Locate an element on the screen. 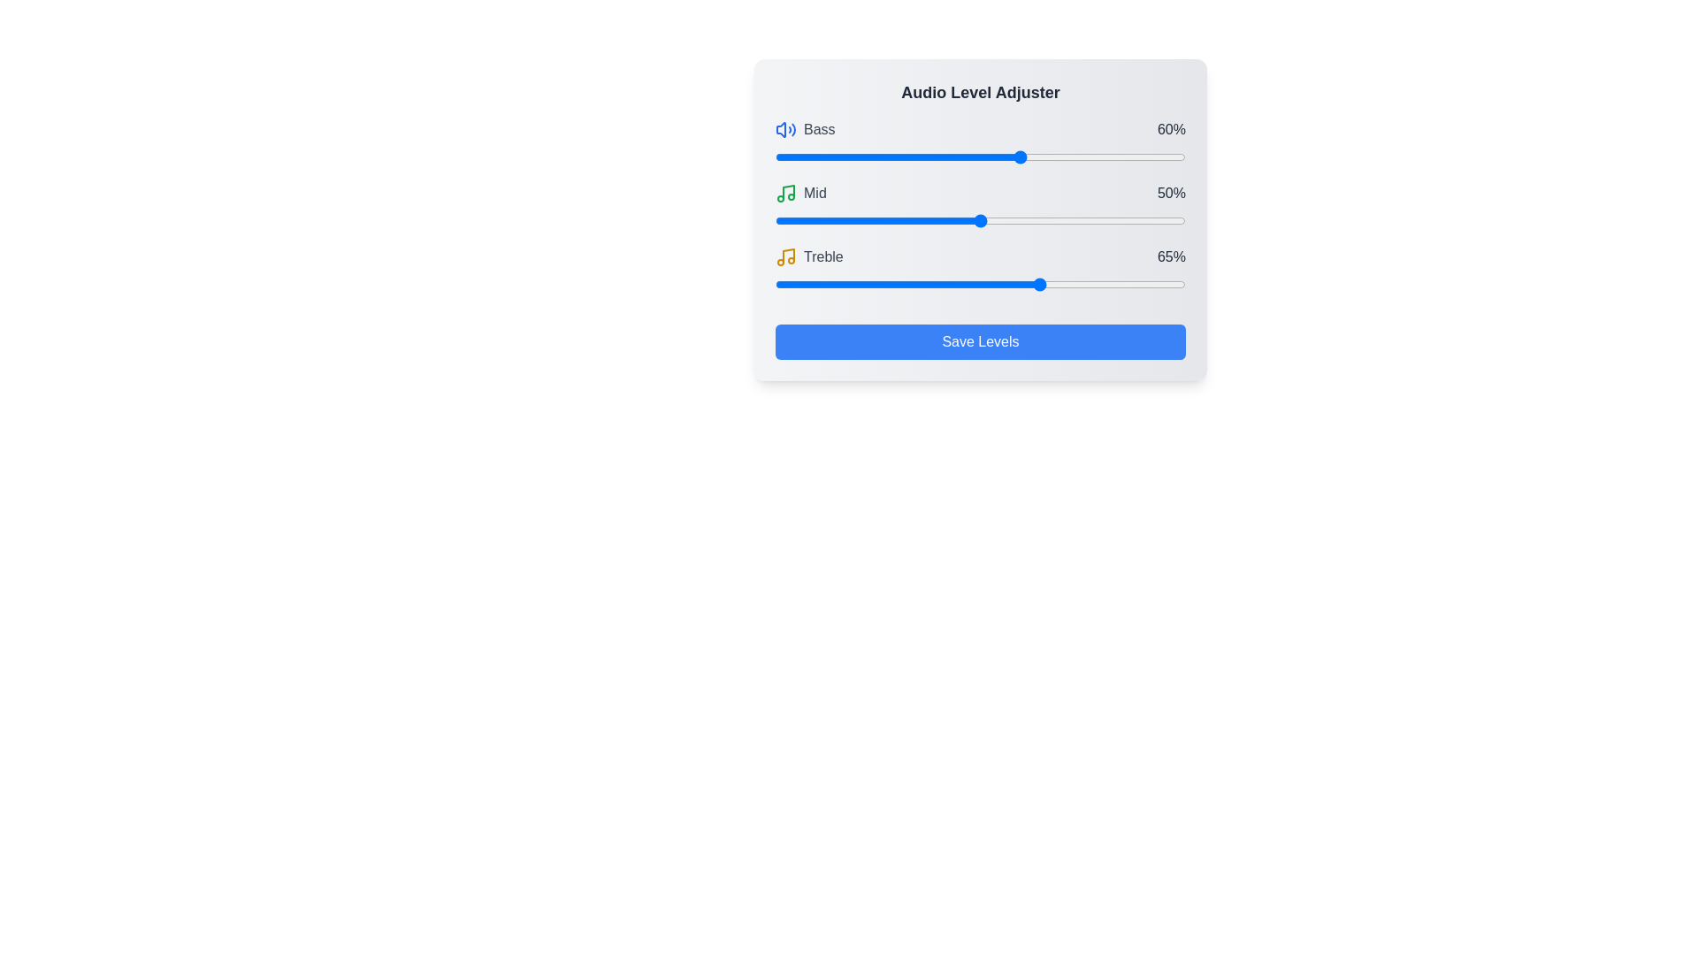 The image size is (1698, 955). the 'Mid' audio level is located at coordinates (1037, 220).